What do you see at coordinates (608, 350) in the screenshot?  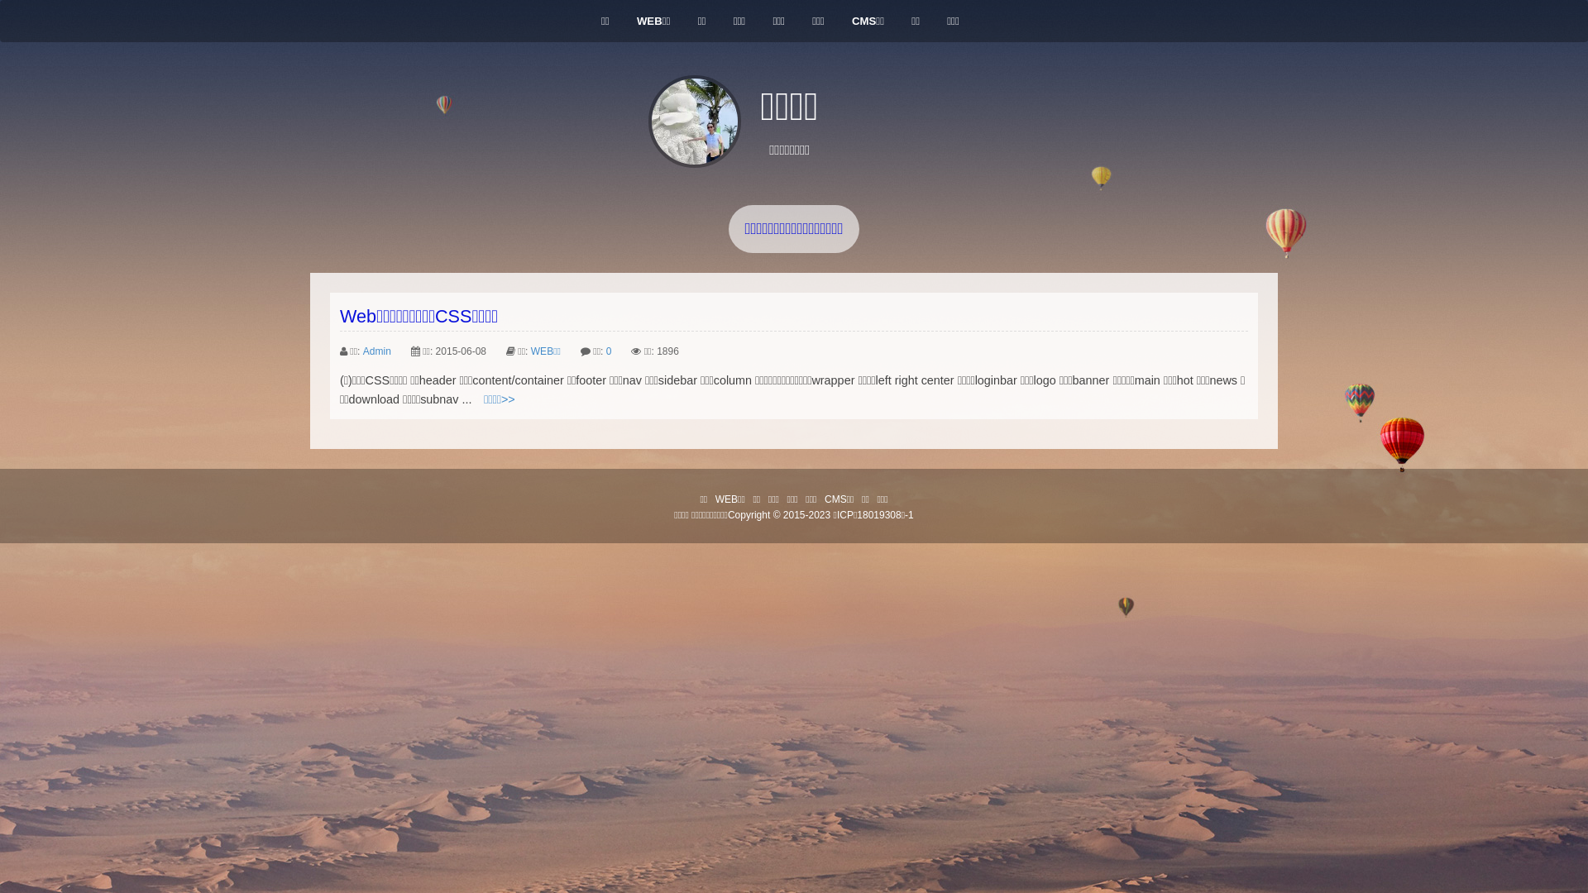 I see `'0'` at bounding box center [608, 350].